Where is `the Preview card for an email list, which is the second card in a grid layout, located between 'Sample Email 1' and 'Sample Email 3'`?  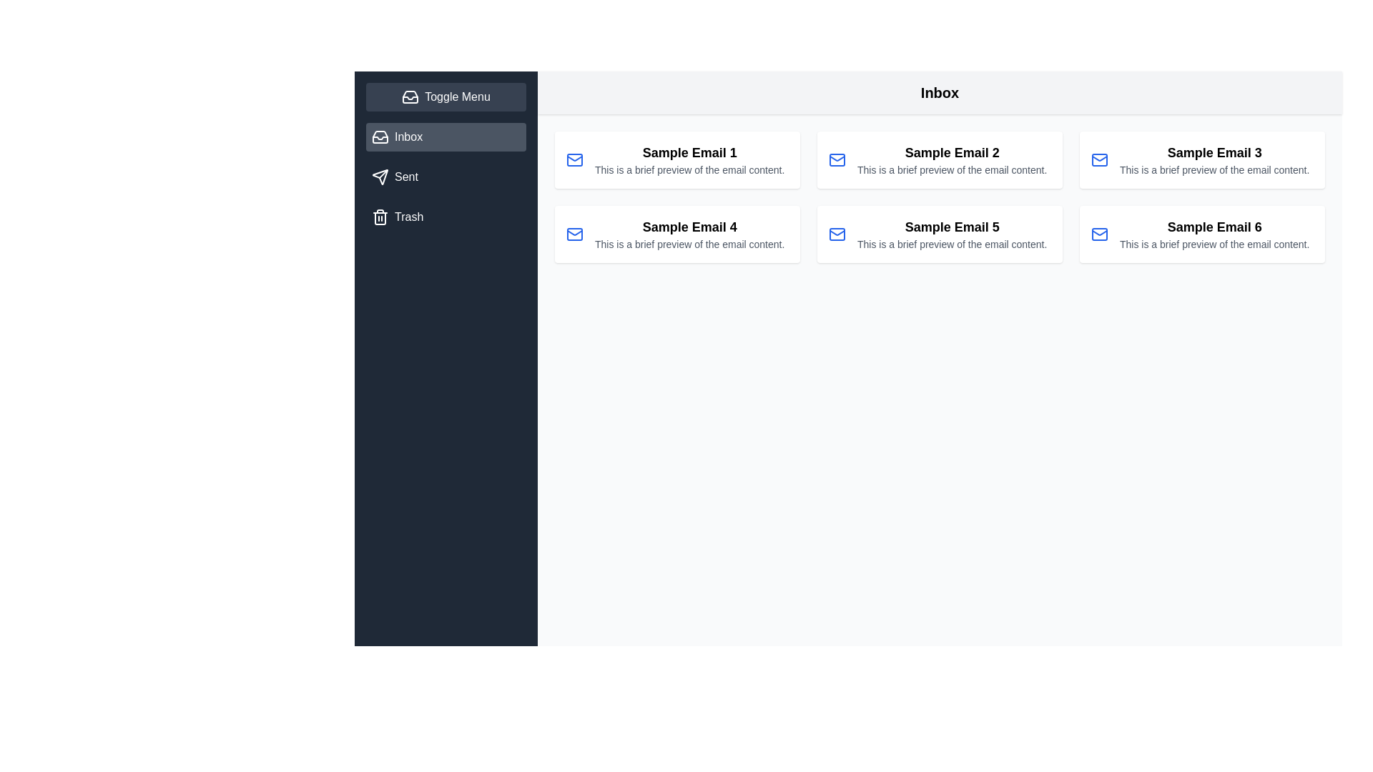 the Preview card for an email list, which is the second card in a grid layout, located between 'Sample Email 1' and 'Sample Email 3' is located at coordinates (940, 159).